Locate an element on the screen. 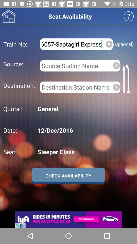  icon to the right of seat: icon is located at coordinates (85, 152).